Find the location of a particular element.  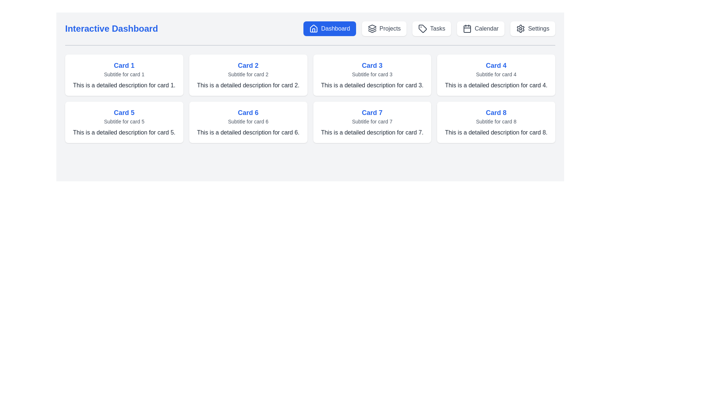

the text area under the subtitle 'Subtitle for card 2' and the title 'Card 2' within the second card of the grid layout is located at coordinates (248, 85).